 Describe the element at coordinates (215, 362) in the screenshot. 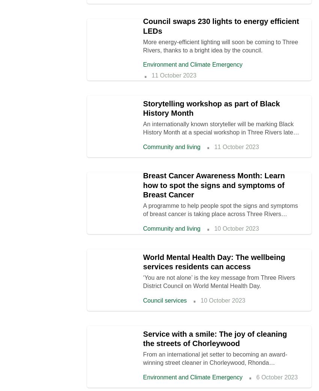

I see `'From an international jet setter to becoming an award-winning street cleaner in Chorleywood, Rhonda Vanderwood has an interesting story to tell.'` at that location.